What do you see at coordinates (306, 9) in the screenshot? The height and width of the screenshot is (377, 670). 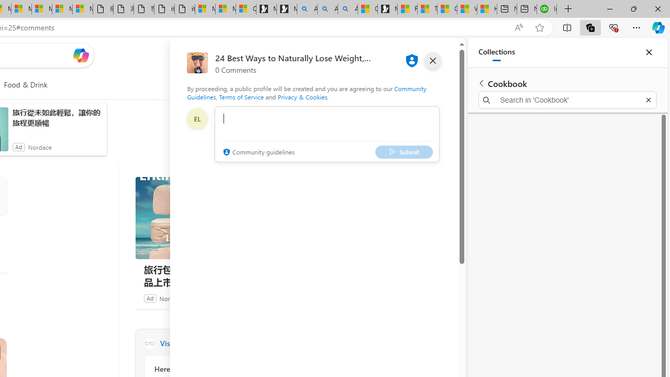 I see `'Alabama high school quarterback dies - Search'` at bounding box center [306, 9].